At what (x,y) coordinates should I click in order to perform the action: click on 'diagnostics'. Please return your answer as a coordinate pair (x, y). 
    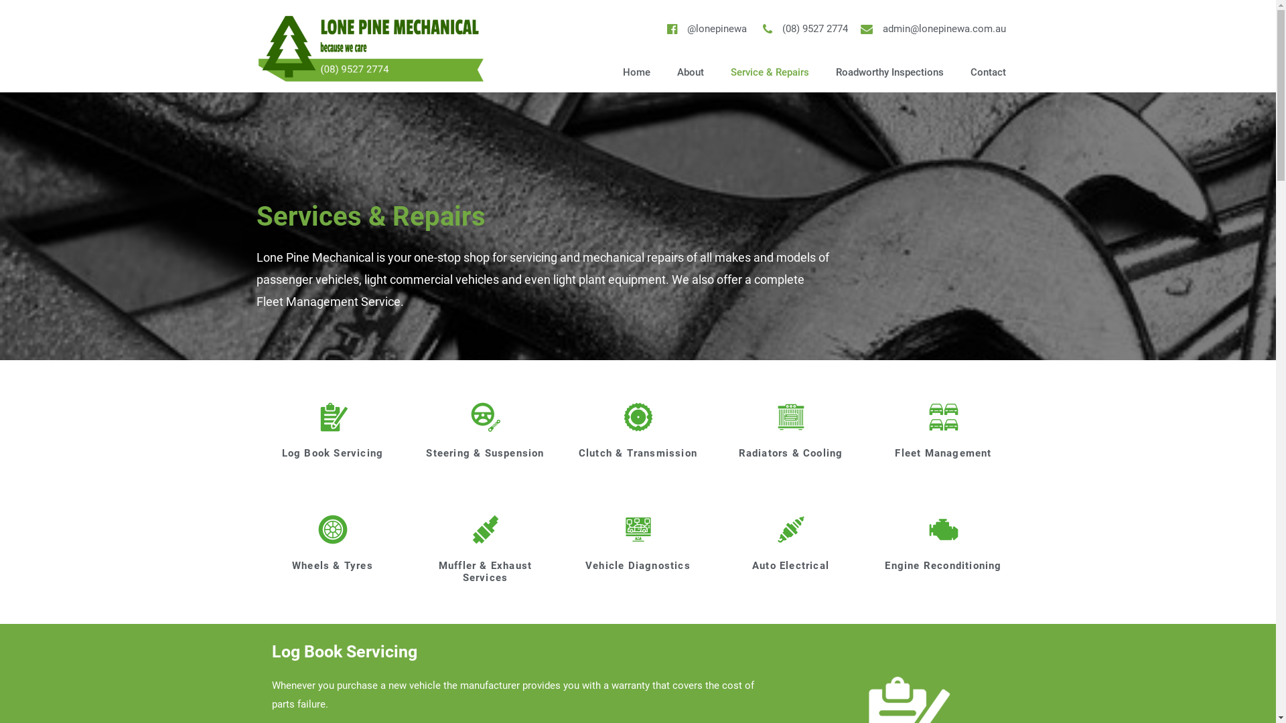
    Looking at the image, I should click on (620, 528).